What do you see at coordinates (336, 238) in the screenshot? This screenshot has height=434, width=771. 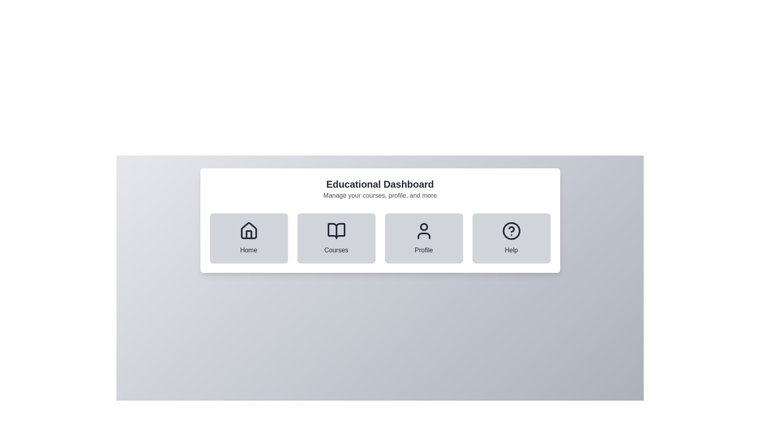 I see `the 'Courses' button, which is the second button in the grid layout with a grey background and an open book icon` at bounding box center [336, 238].